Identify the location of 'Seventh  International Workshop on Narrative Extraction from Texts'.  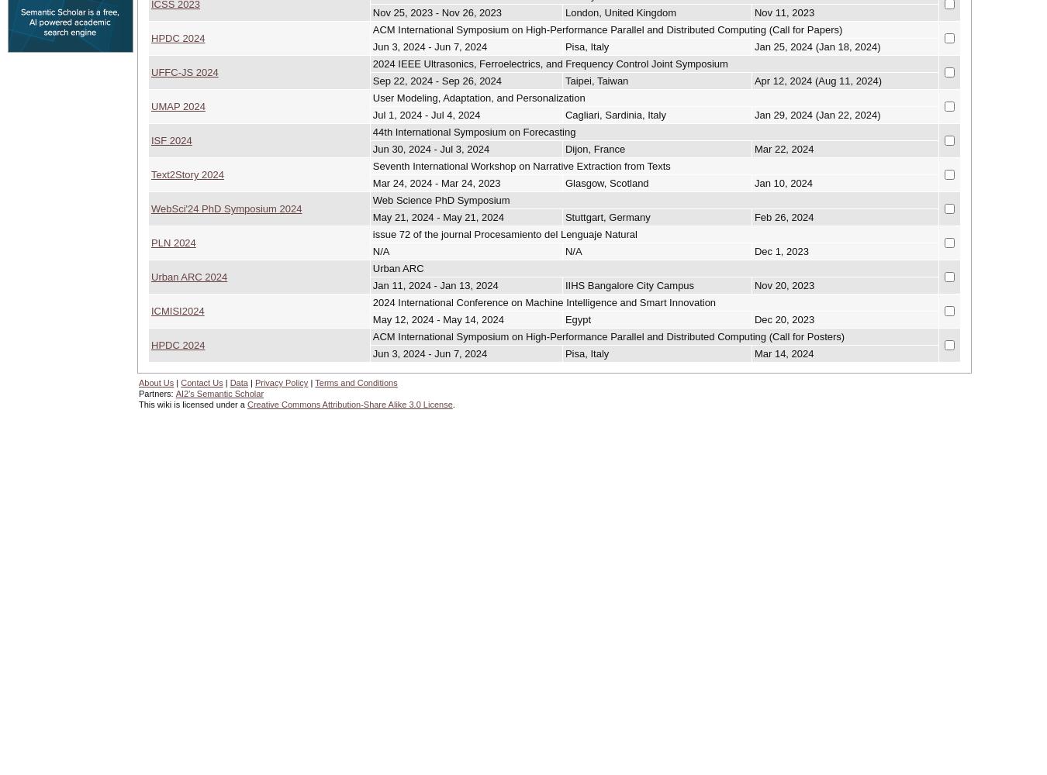
(521, 164).